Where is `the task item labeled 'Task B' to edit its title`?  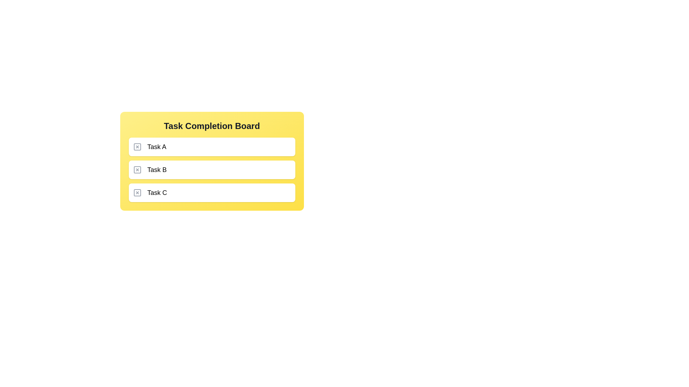
the task item labeled 'Task B' to edit its title is located at coordinates (211, 170).